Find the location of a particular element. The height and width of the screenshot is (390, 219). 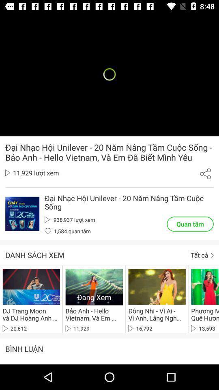

13,593 item is located at coordinates (203, 328).